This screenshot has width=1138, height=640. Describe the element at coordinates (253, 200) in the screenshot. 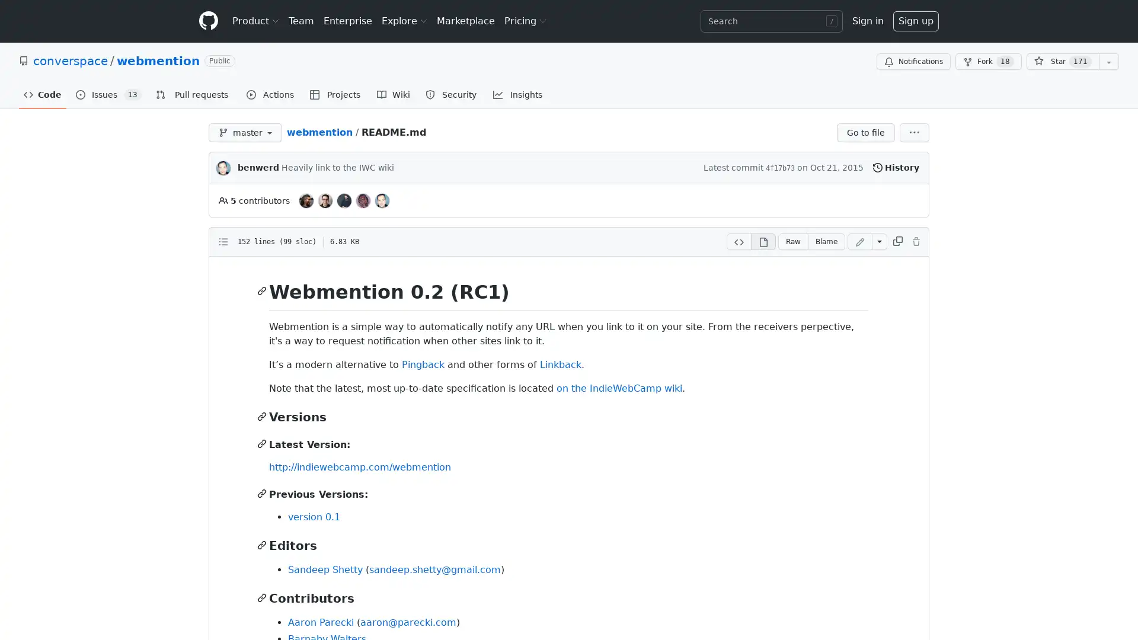

I see `5 contributors` at that location.